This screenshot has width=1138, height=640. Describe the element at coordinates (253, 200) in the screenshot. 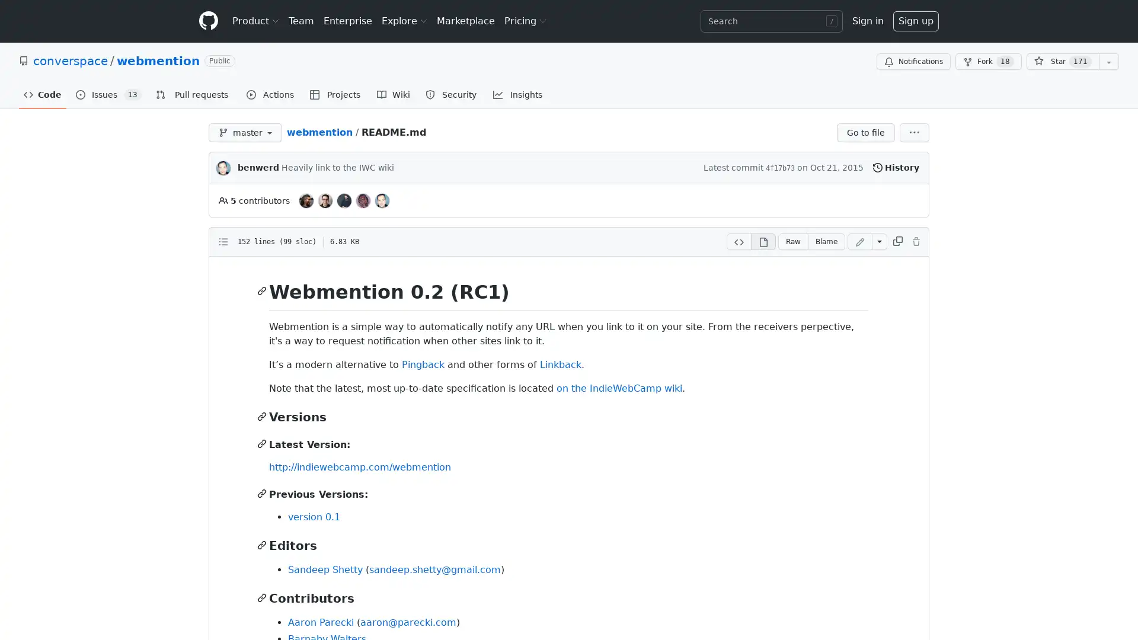

I see `5 contributors` at that location.